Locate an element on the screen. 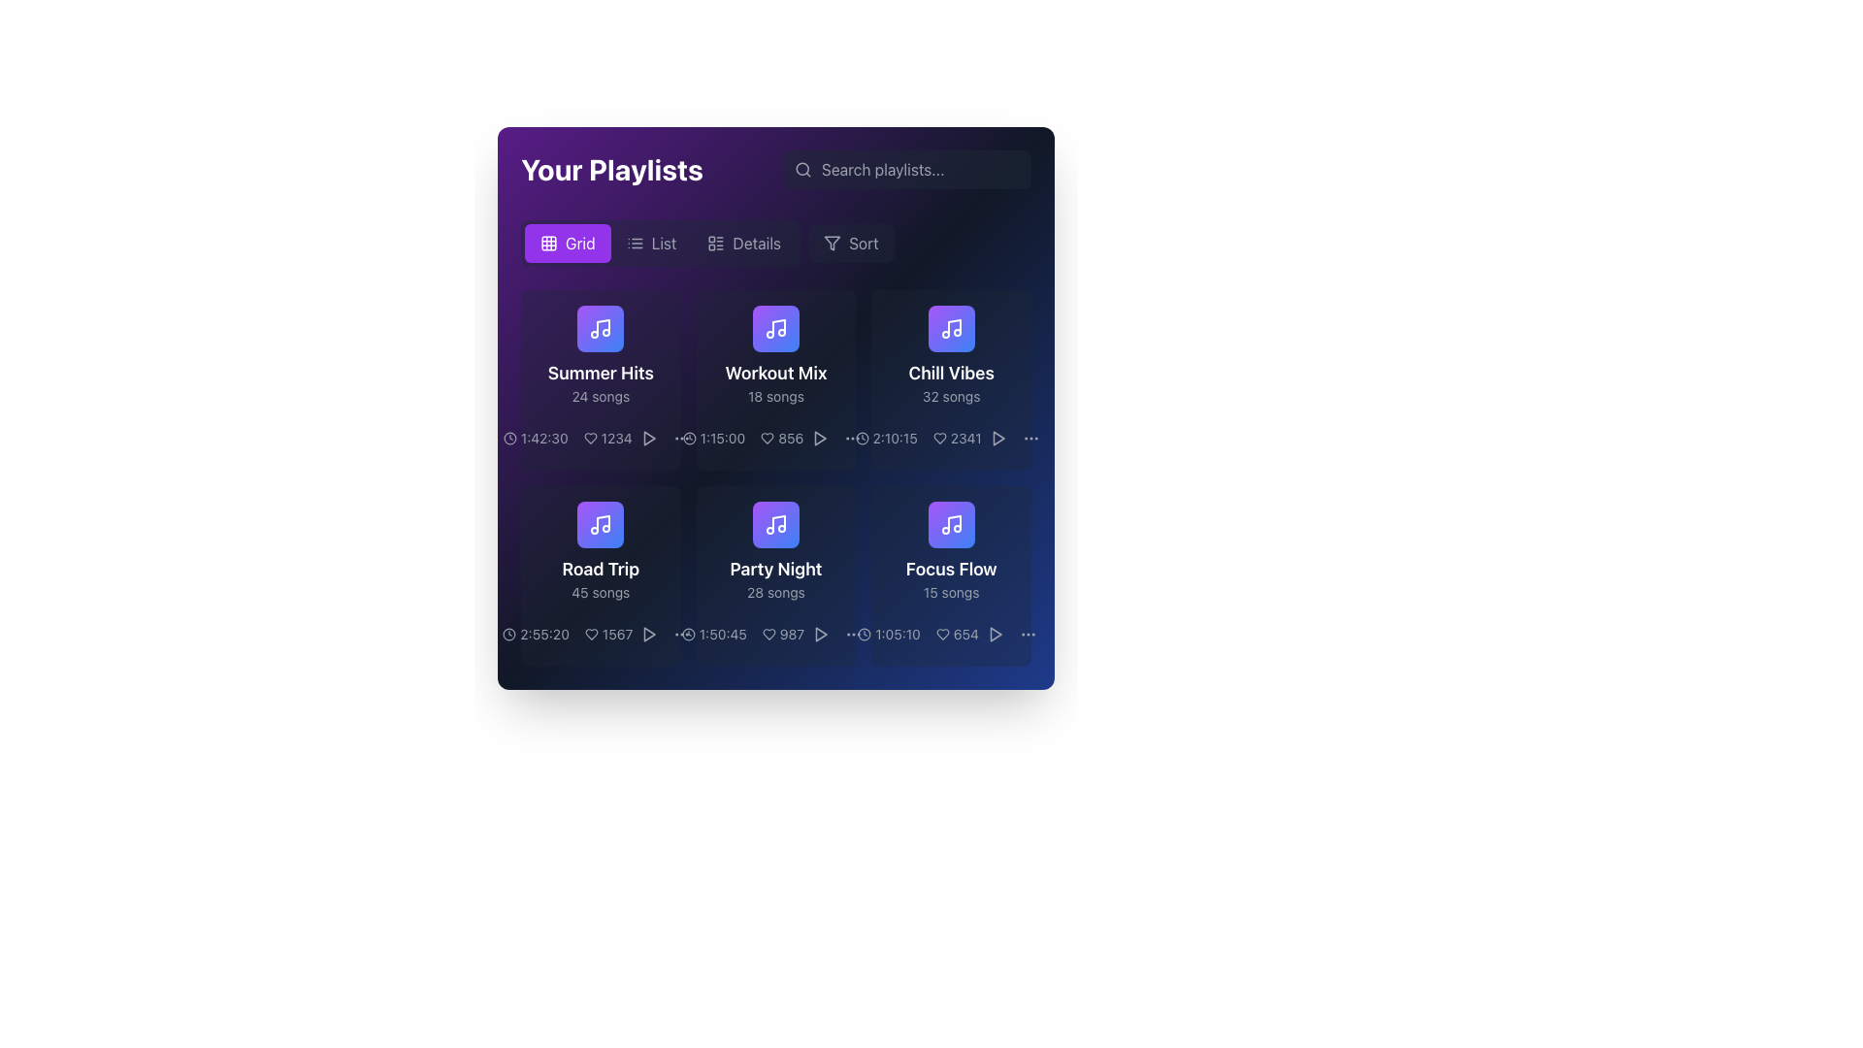 This screenshot has width=1863, height=1048. the prominent textual header labeled 'Your Playlists', which is displayed in large, bold, white font against a gradient purple background, positioned at the top-left area of the content box is located at coordinates (610, 168).